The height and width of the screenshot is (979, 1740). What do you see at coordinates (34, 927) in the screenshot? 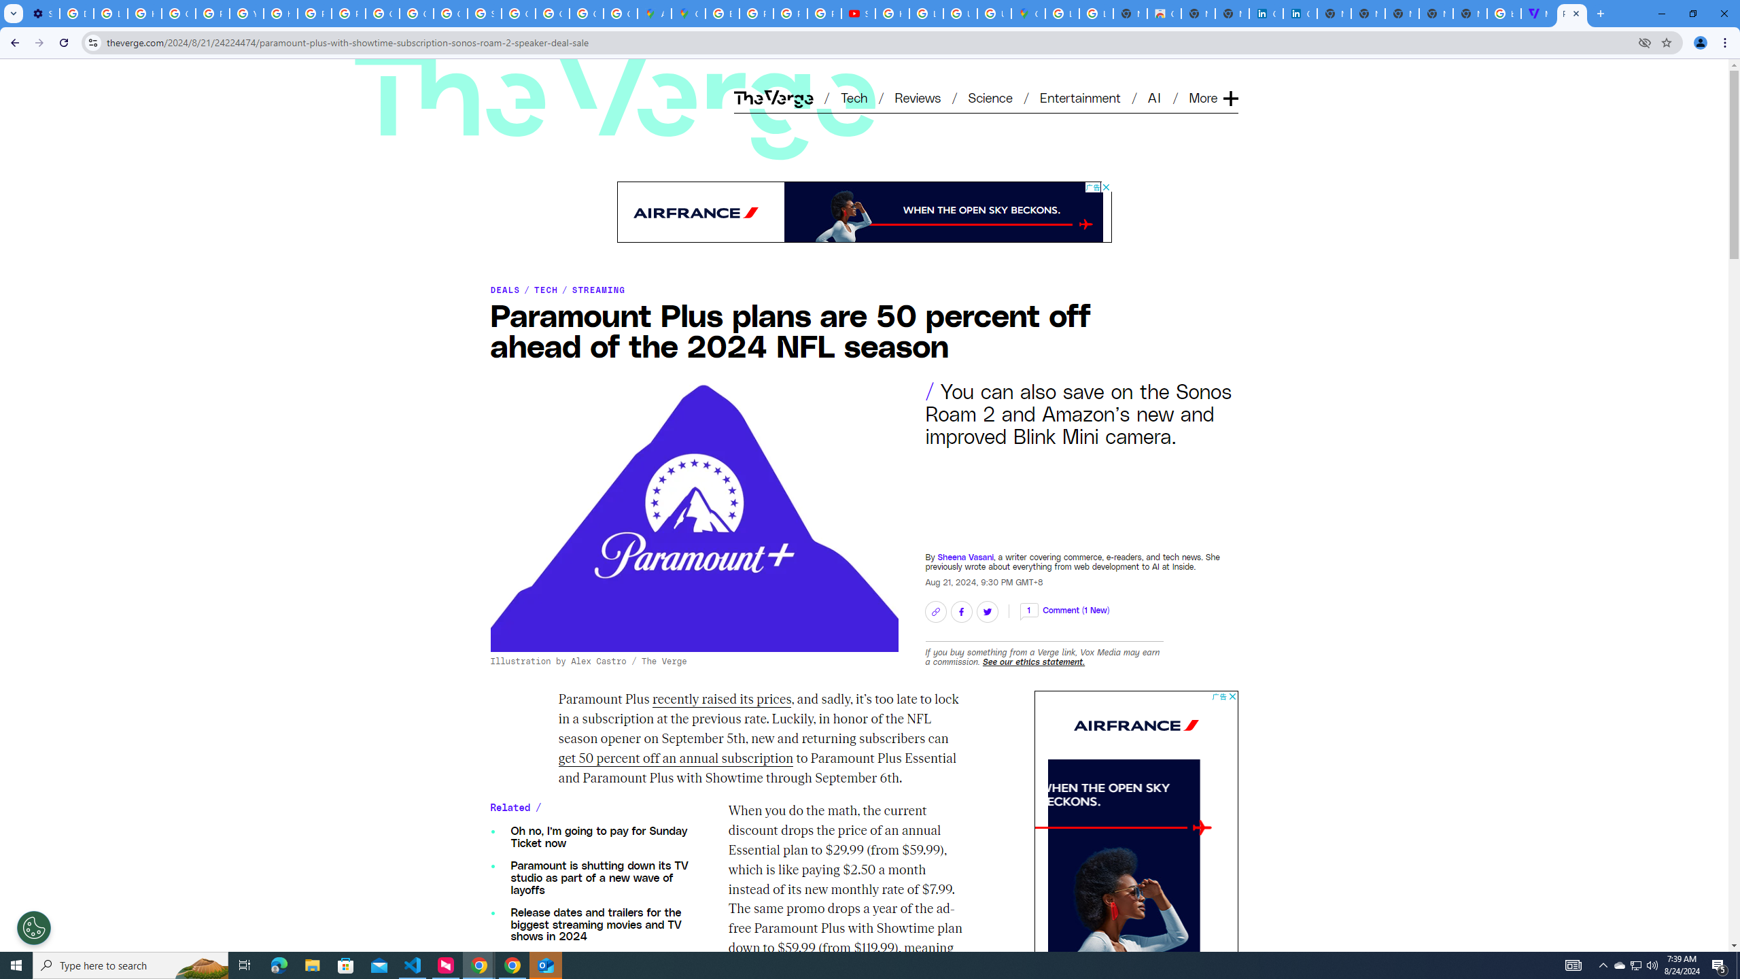
I see `'Open Preferences'` at bounding box center [34, 927].